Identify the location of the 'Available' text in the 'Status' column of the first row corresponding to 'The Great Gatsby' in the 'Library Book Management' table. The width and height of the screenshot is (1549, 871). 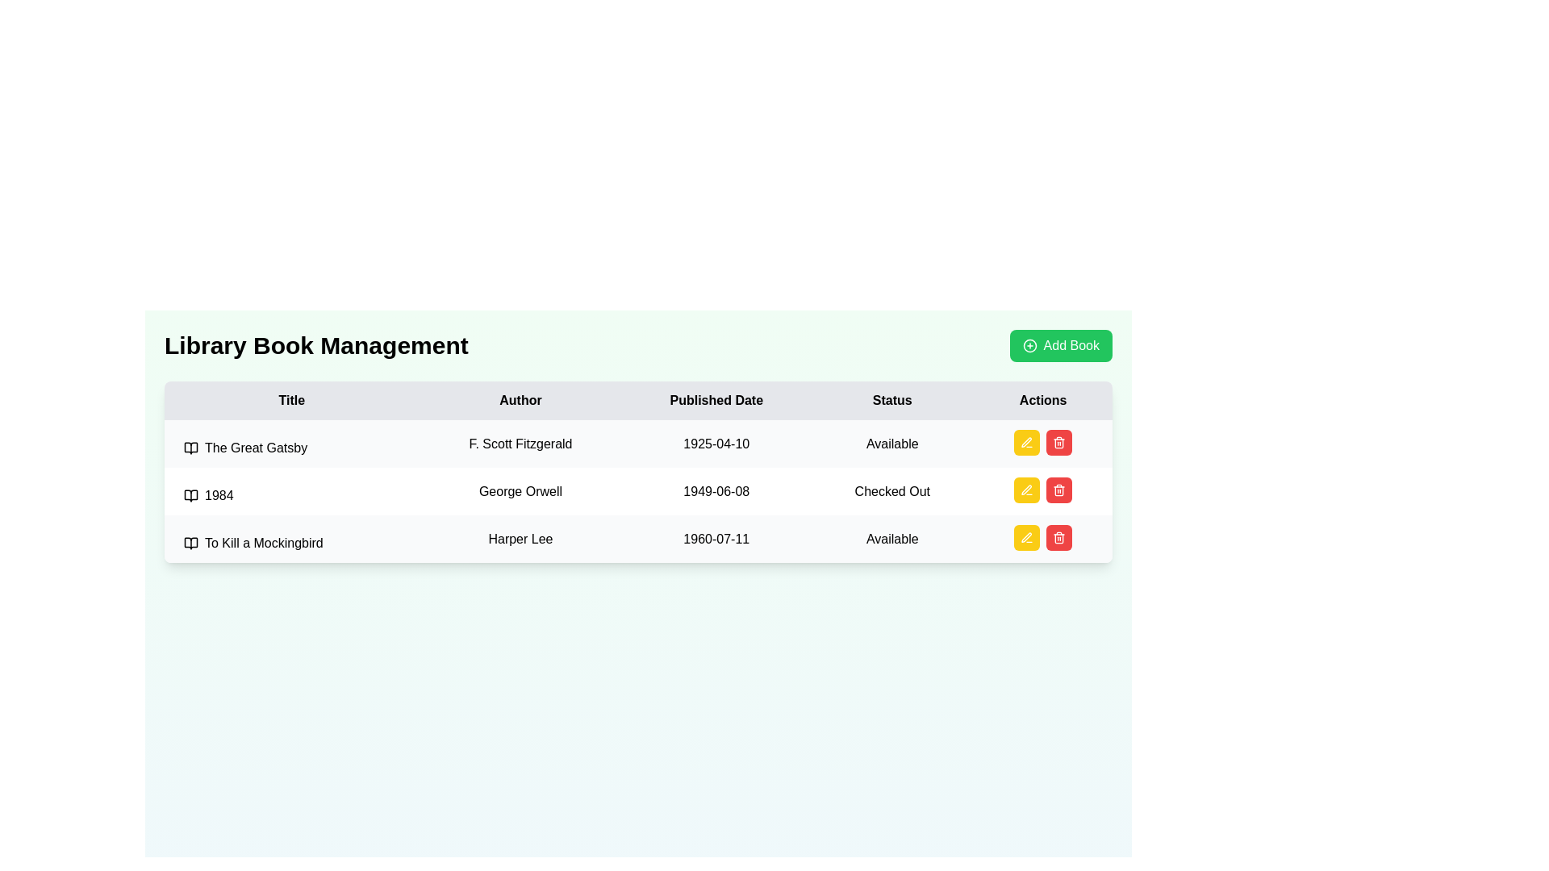
(891, 444).